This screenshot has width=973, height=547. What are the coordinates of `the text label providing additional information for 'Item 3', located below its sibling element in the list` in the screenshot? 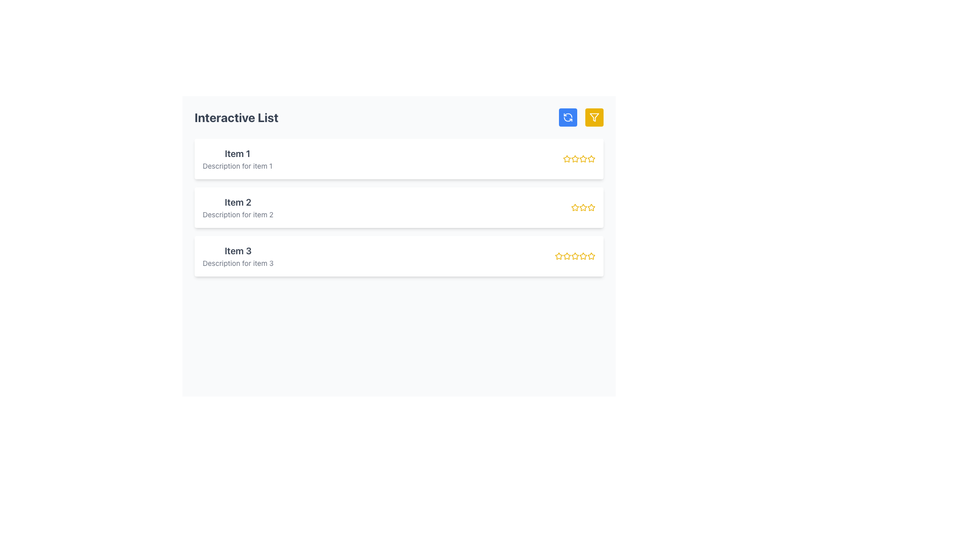 It's located at (238, 263).